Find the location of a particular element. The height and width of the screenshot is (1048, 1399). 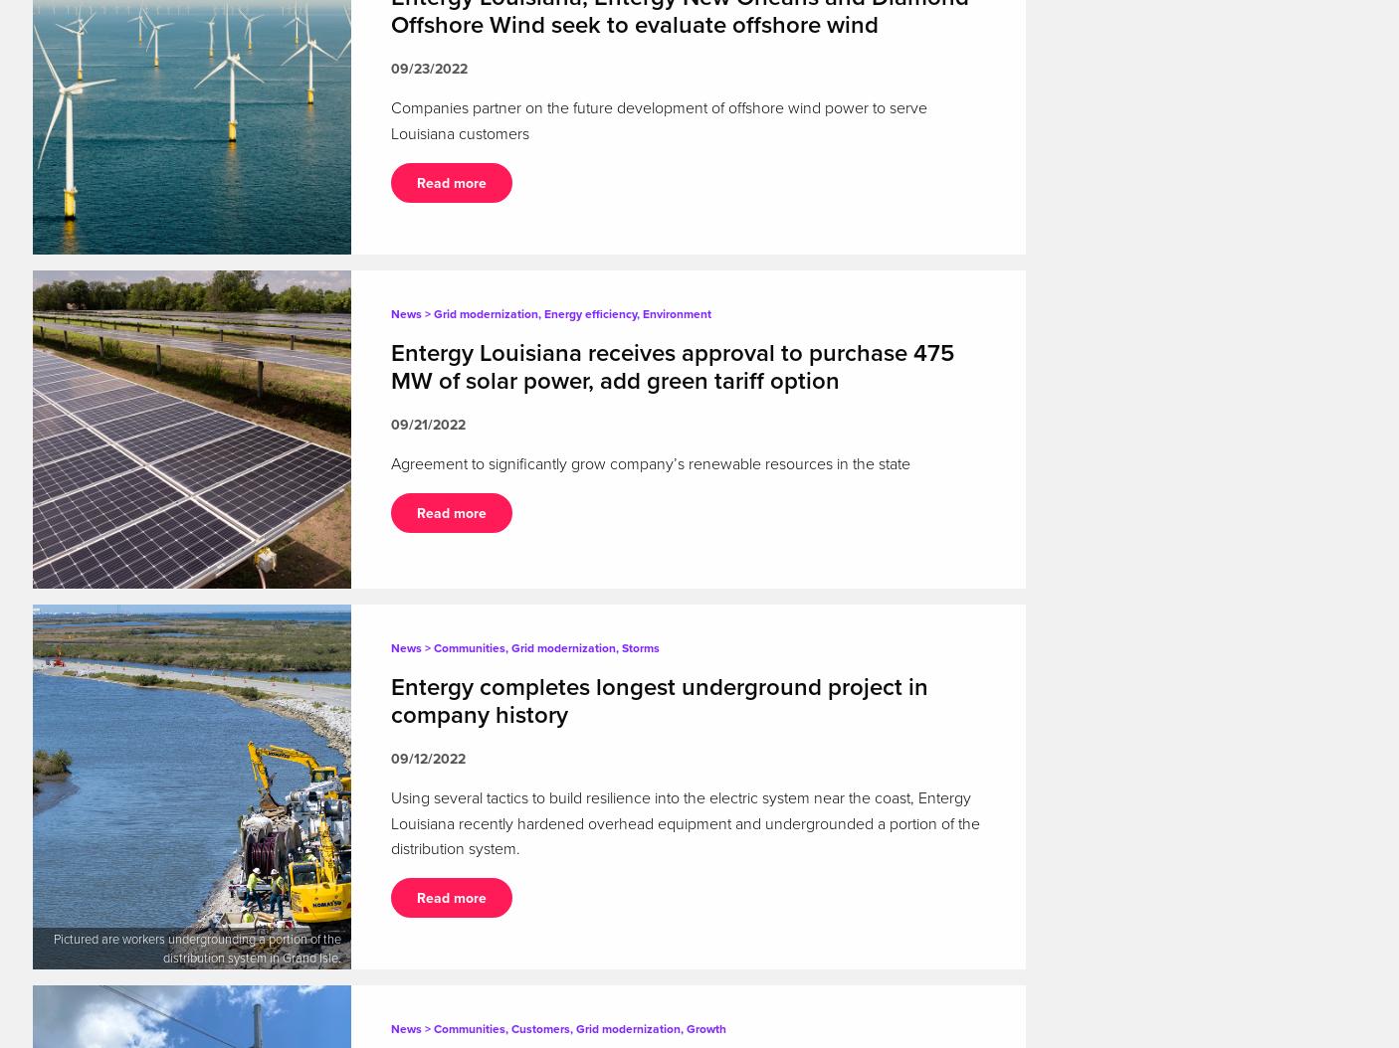

'Entergy Louisiana receives approval to purchase 475 MW of solar power, add green tariff option' is located at coordinates (673, 367).